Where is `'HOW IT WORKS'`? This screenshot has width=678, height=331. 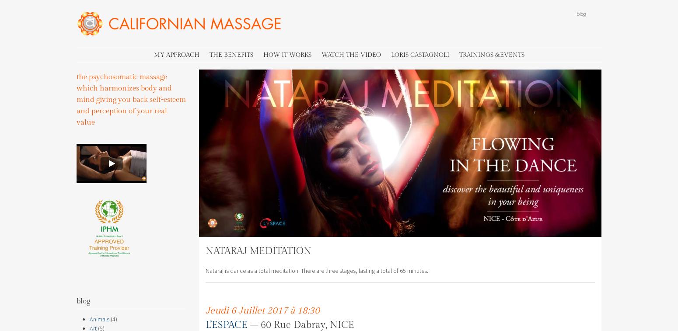 'HOW IT WORKS' is located at coordinates (286, 54).